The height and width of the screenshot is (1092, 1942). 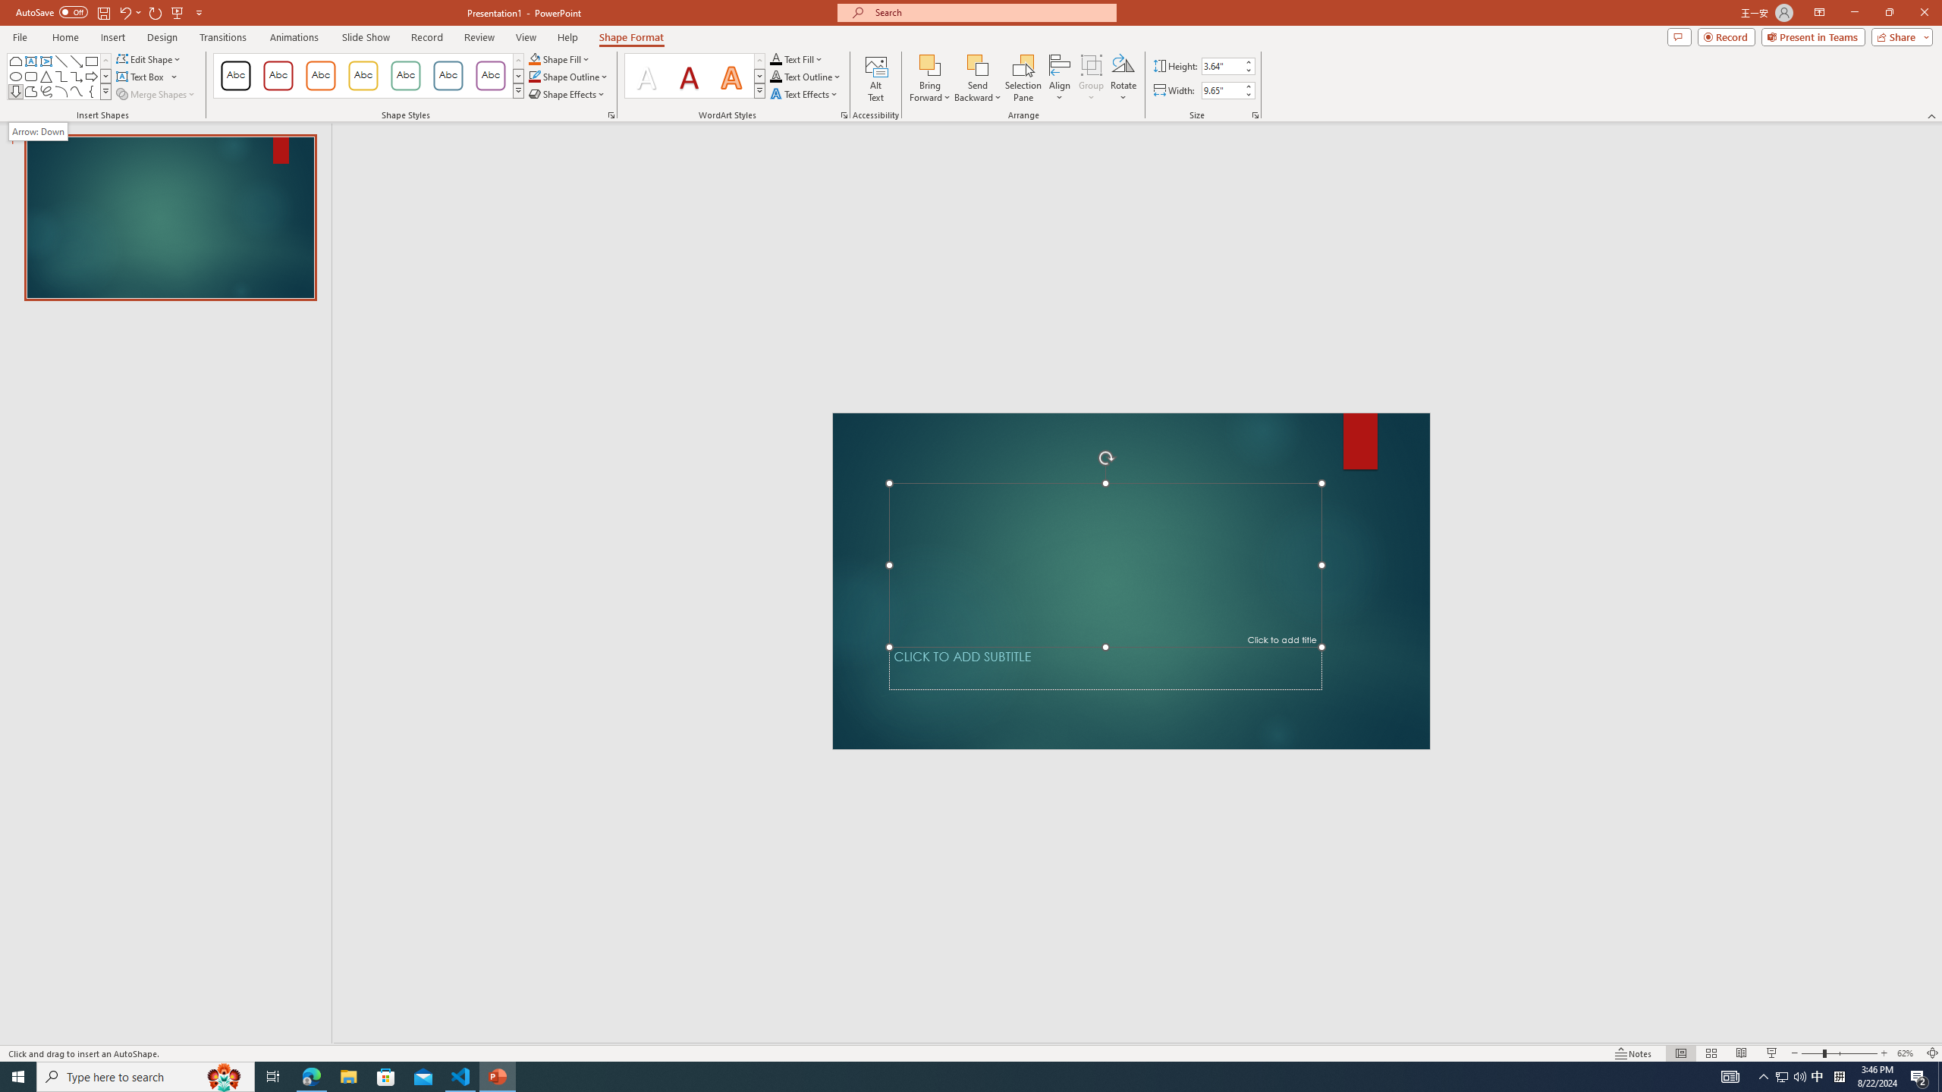 What do you see at coordinates (30, 90) in the screenshot?
I see `'Freeform: Shape'` at bounding box center [30, 90].